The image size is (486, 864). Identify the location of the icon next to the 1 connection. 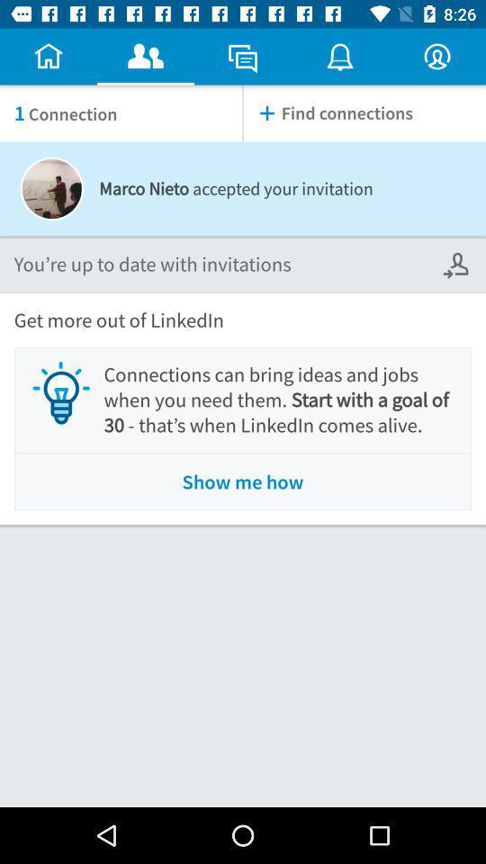
(364, 112).